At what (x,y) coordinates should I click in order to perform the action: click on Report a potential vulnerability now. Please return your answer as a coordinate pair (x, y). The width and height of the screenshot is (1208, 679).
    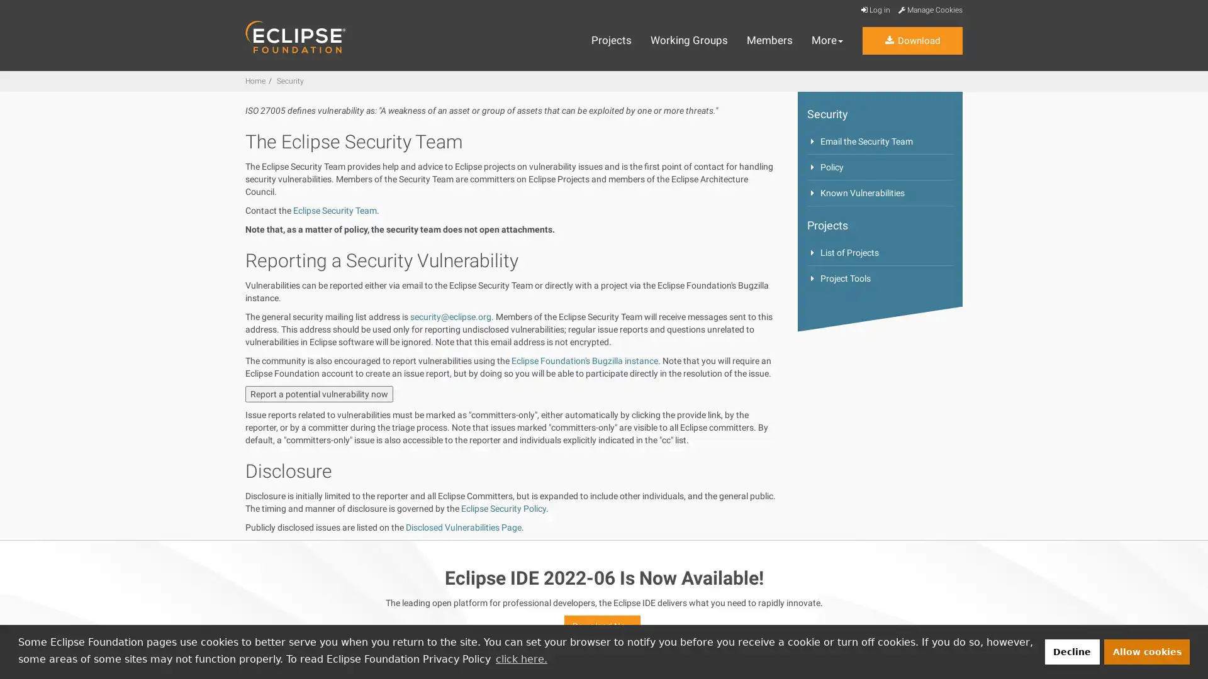
    Looking at the image, I should click on (319, 394).